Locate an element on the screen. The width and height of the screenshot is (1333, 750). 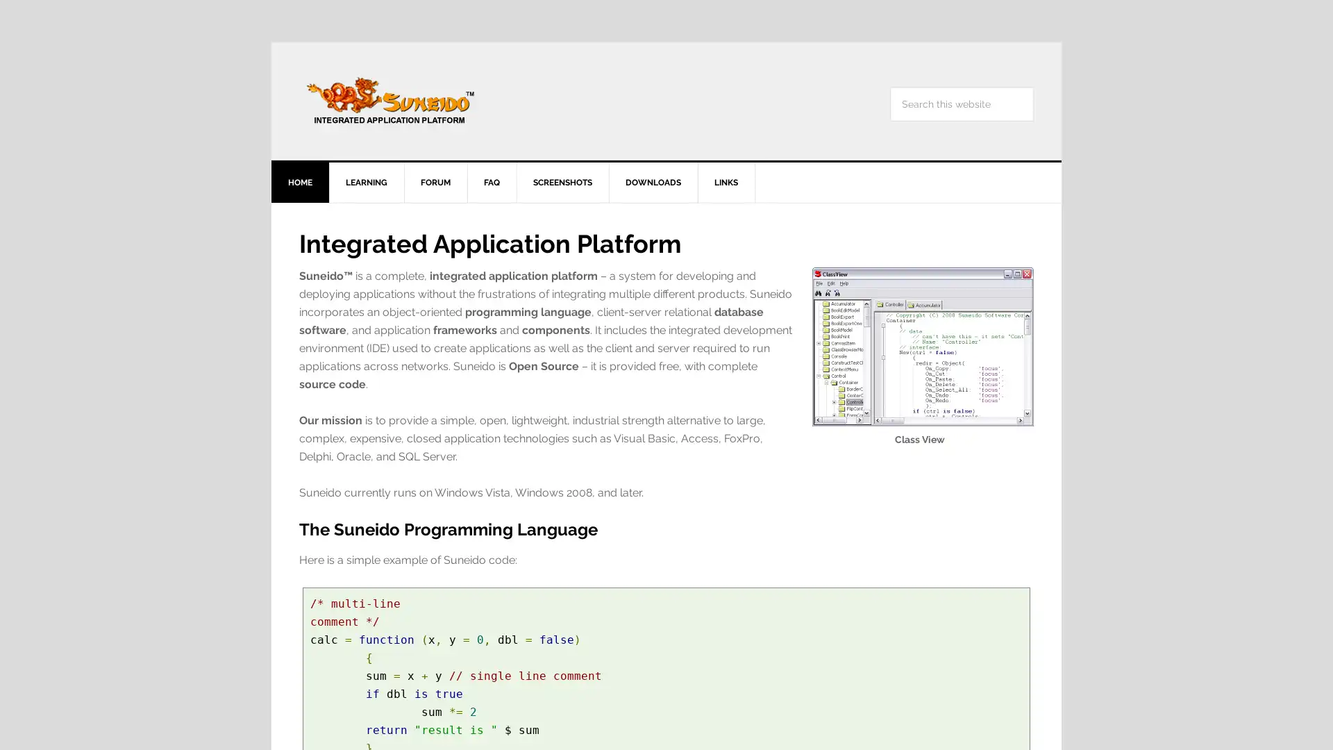
Search is located at coordinates (1033, 86).